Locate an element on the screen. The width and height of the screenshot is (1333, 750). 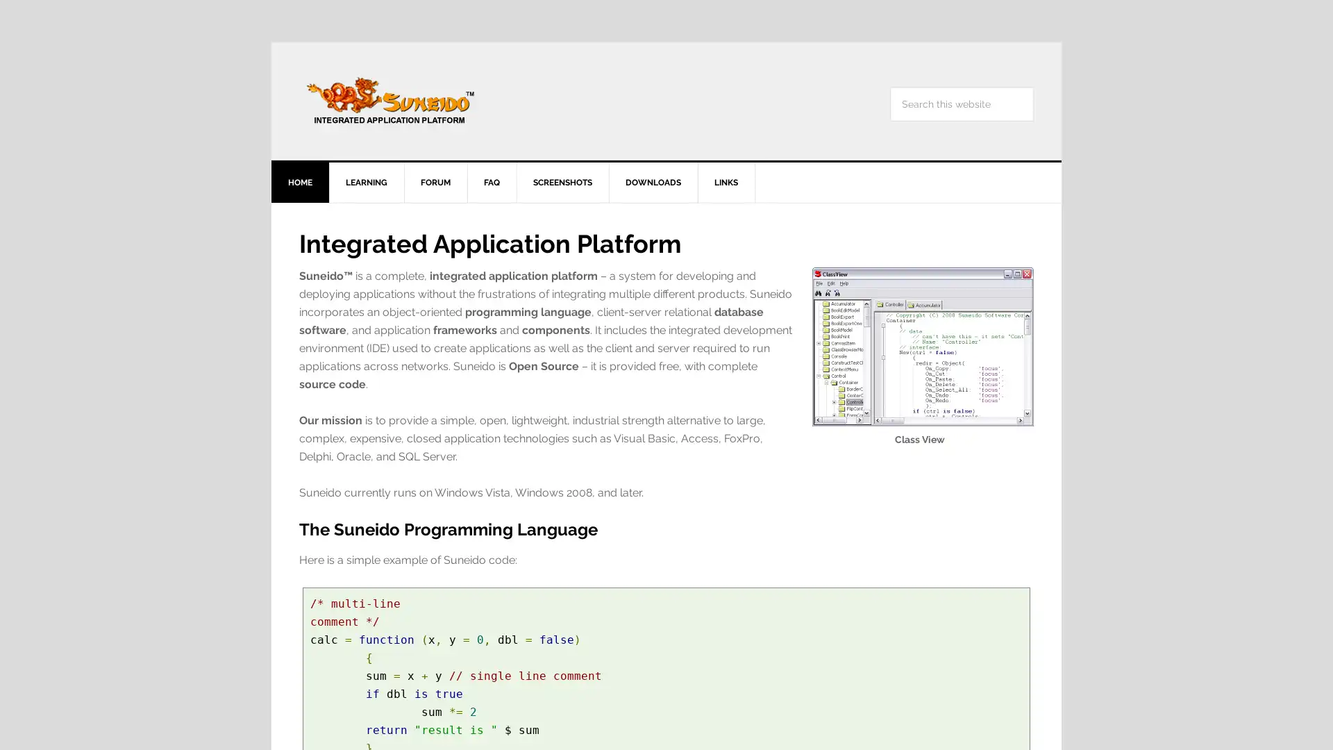
Search is located at coordinates (1033, 86).